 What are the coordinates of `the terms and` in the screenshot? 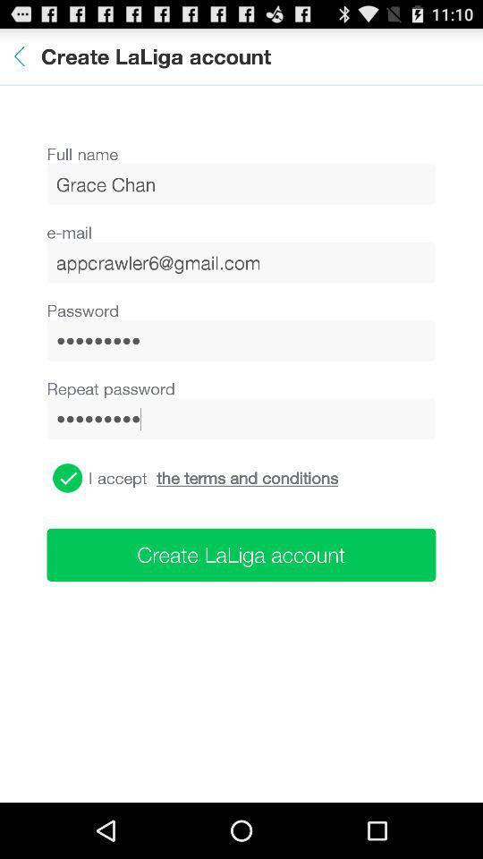 It's located at (246, 477).